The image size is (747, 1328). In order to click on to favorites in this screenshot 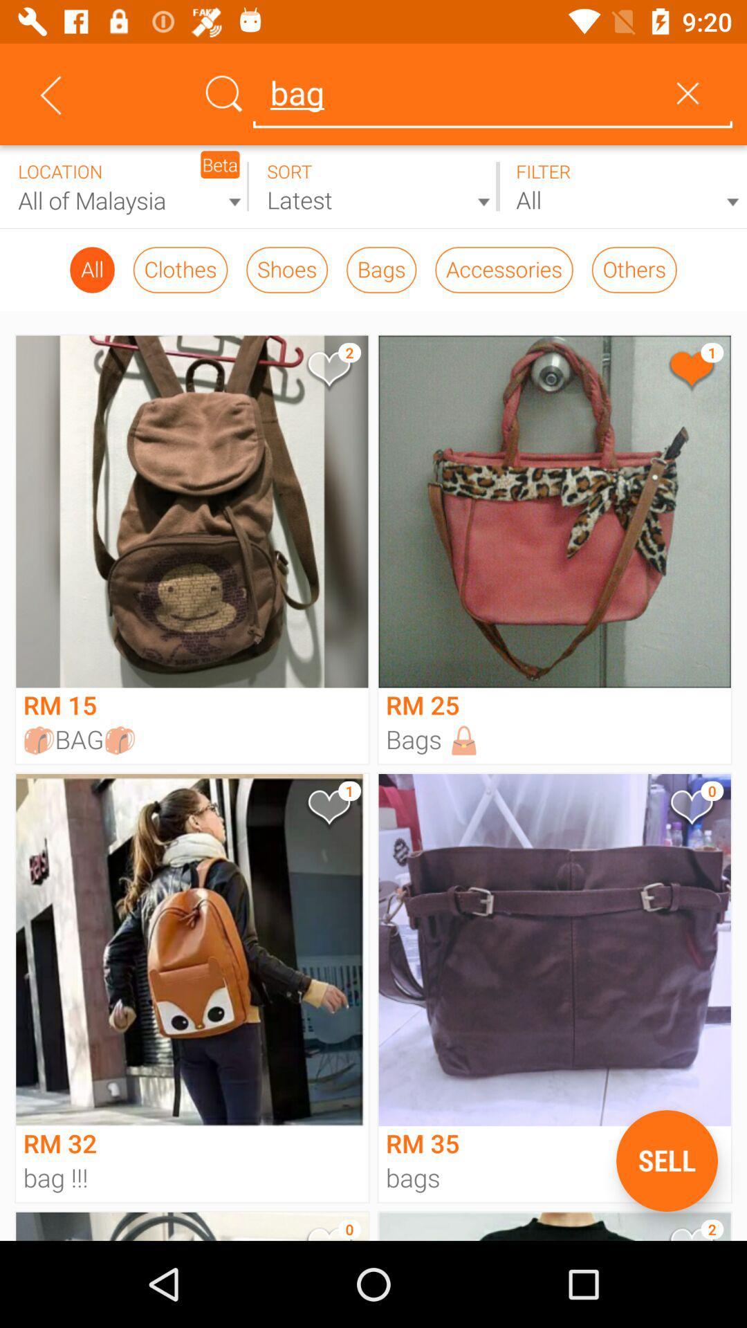, I will do `click(691, 810)`.